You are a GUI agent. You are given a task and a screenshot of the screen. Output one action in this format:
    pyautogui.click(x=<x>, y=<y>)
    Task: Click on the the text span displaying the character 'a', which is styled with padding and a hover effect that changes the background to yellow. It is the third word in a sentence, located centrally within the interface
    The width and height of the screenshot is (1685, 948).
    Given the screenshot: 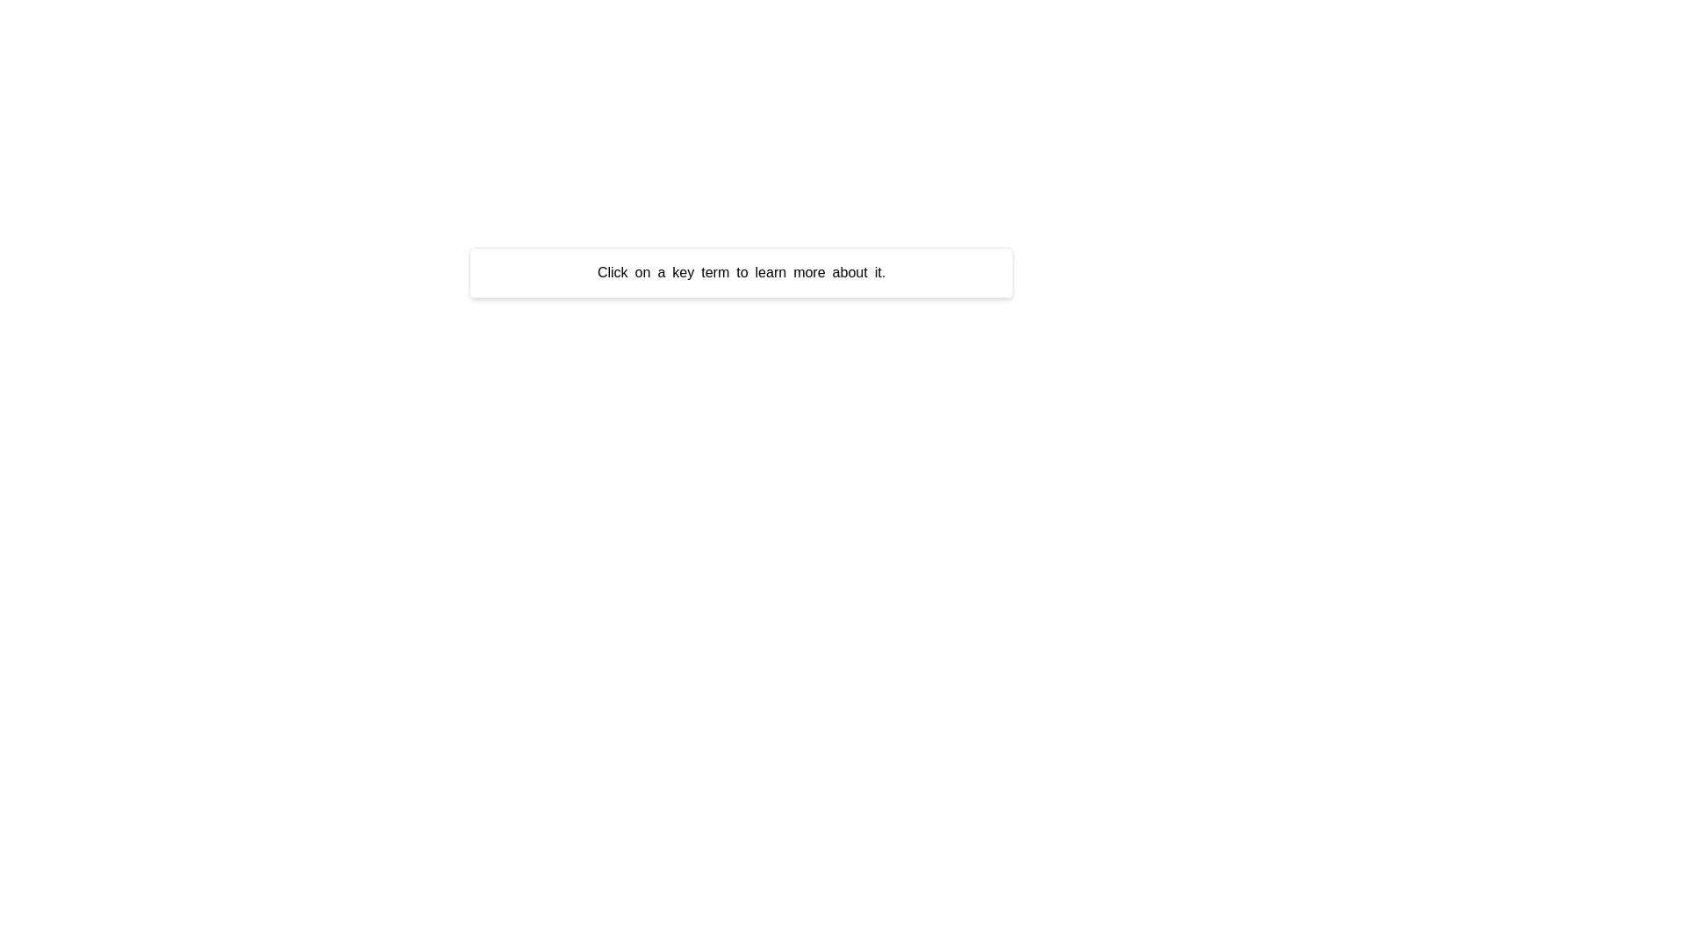 What is the action you would take?
    pyautogui.click(x=660, y=272)
    